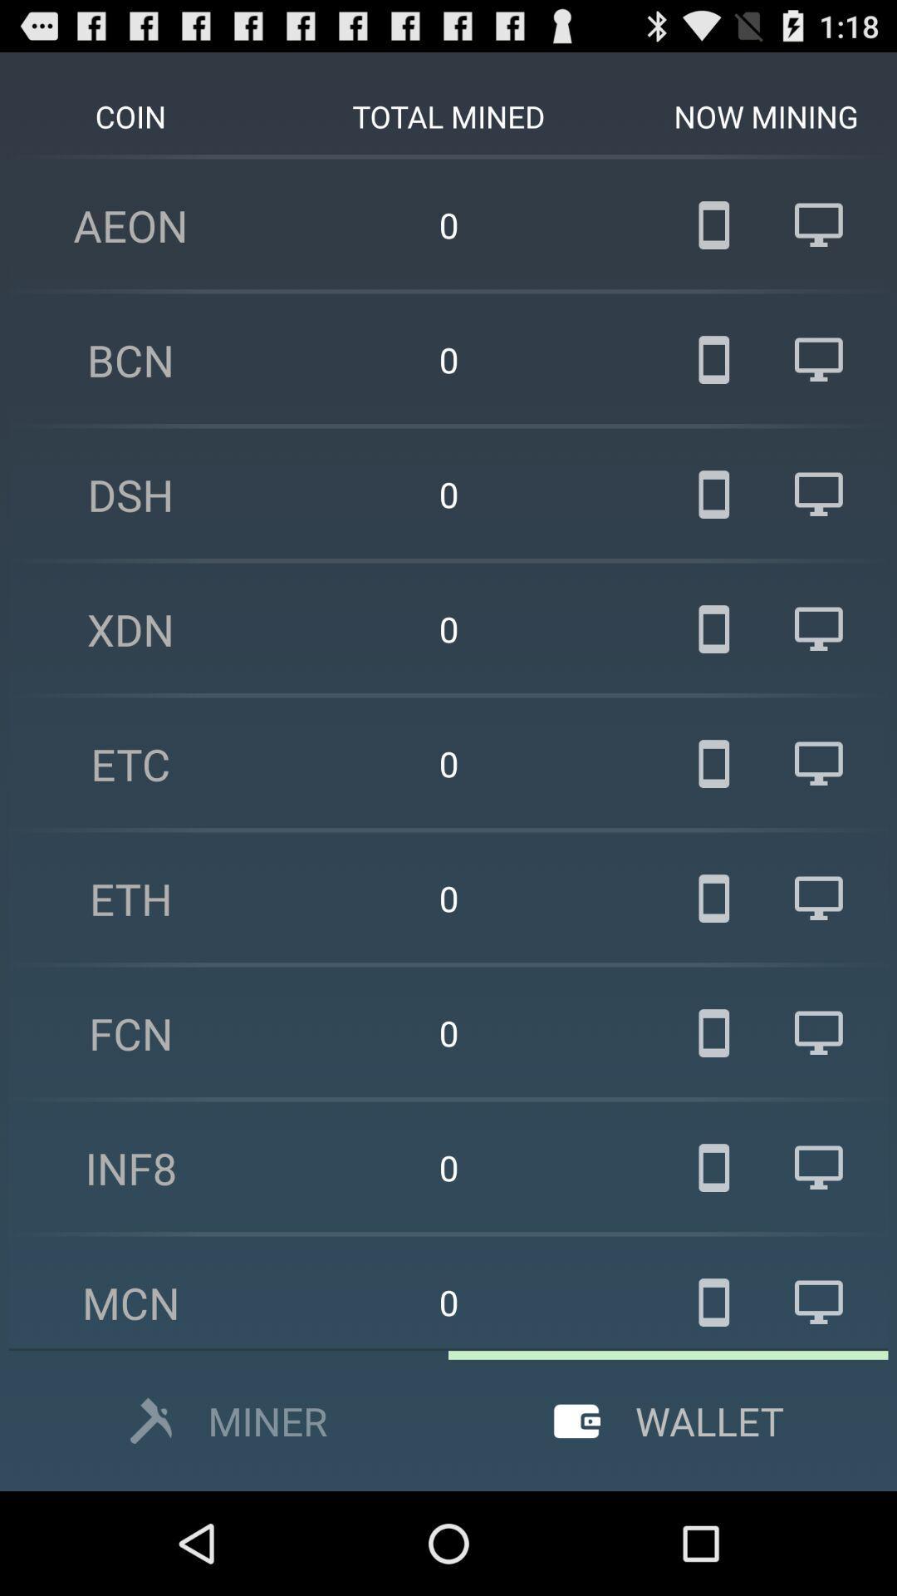  Describe the element at coordinates (818, 628) in the screenshot. I see `the computer image in xdn` at that location.